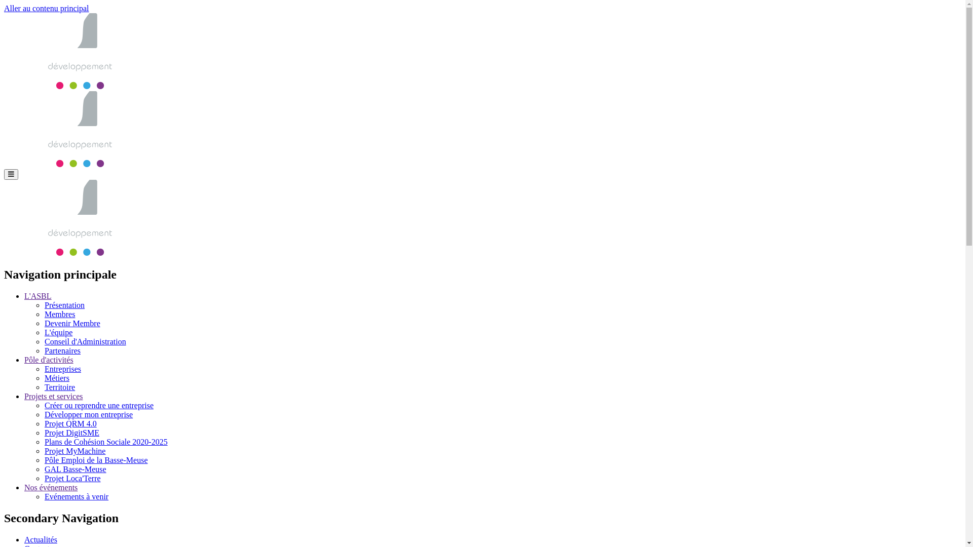 This screenshot has width=973, height=547. What do you see at coordinates (59, 314) in the screenshot?
I see `'Membres'` at bounding box center [59, 314].